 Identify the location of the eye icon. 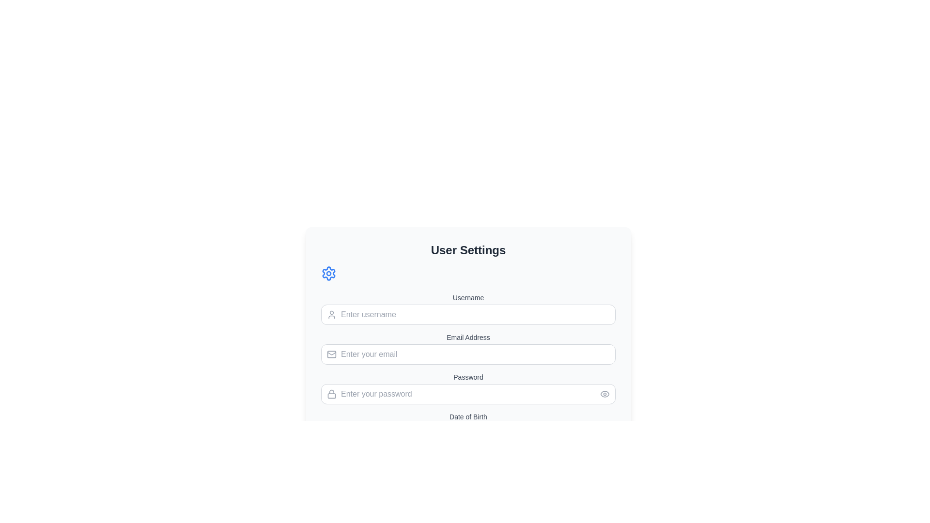
(604, 394).